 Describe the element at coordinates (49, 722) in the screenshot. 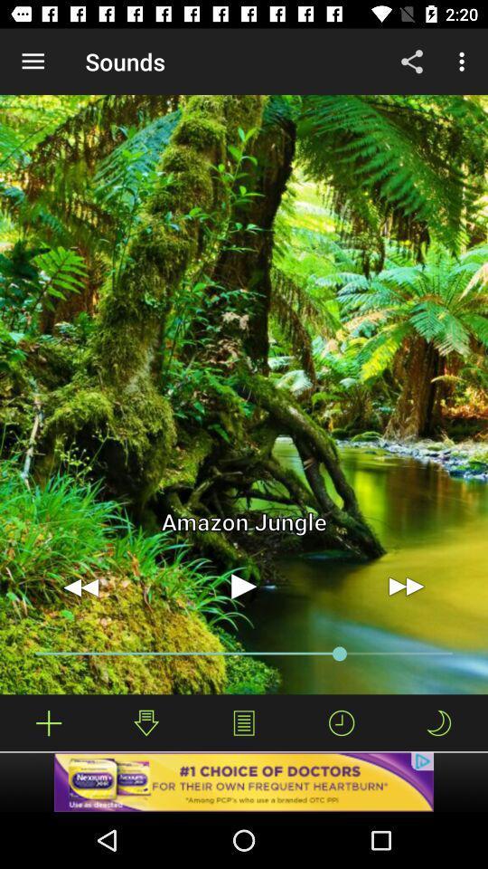

I see `the file` at that location.